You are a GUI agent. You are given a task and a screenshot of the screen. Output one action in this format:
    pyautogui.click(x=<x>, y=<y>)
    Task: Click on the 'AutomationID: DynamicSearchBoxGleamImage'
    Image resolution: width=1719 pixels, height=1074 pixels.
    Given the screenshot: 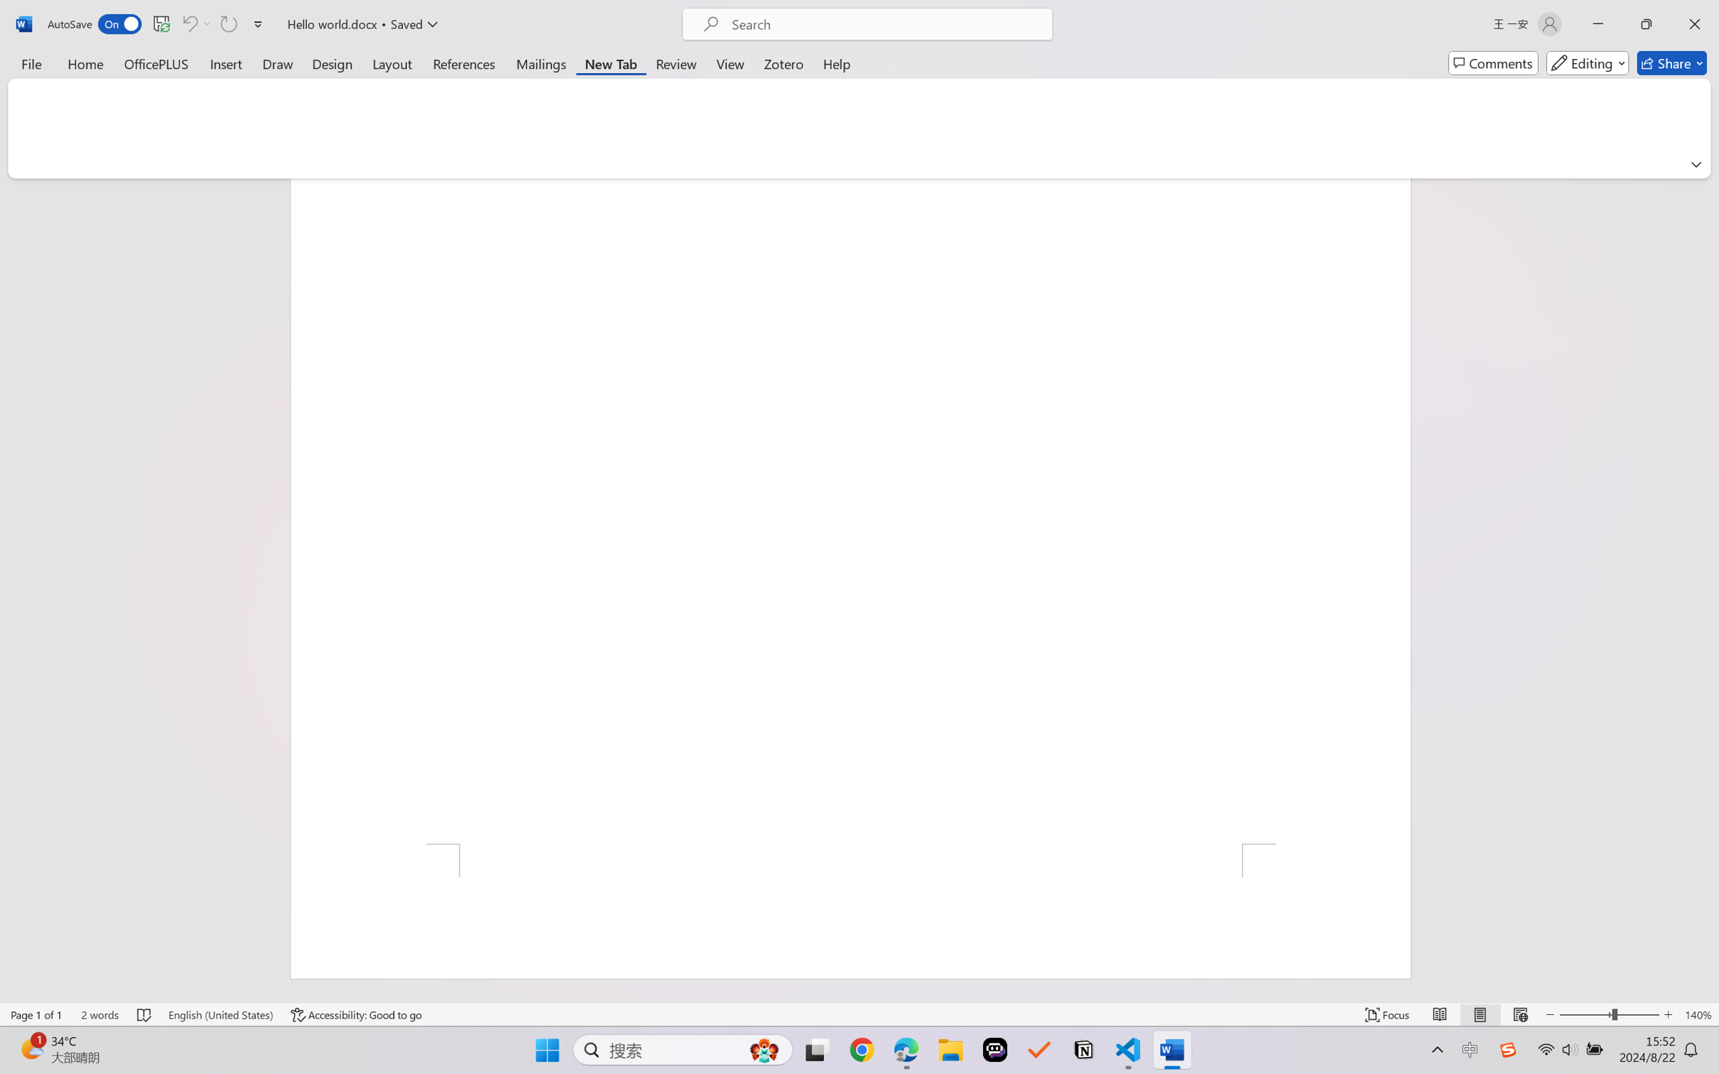 What is the action you would take?
    pyautogui.click(x=764, y=1050)
    